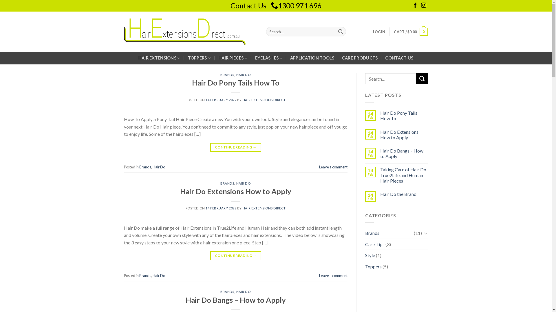 This screenshot has height=312, width=556. What do you see at coordinates (264, 99) in the screenshot?
I see `'HAIR EXTENSIONS DIRECT'` at bounding box center [264, 99].